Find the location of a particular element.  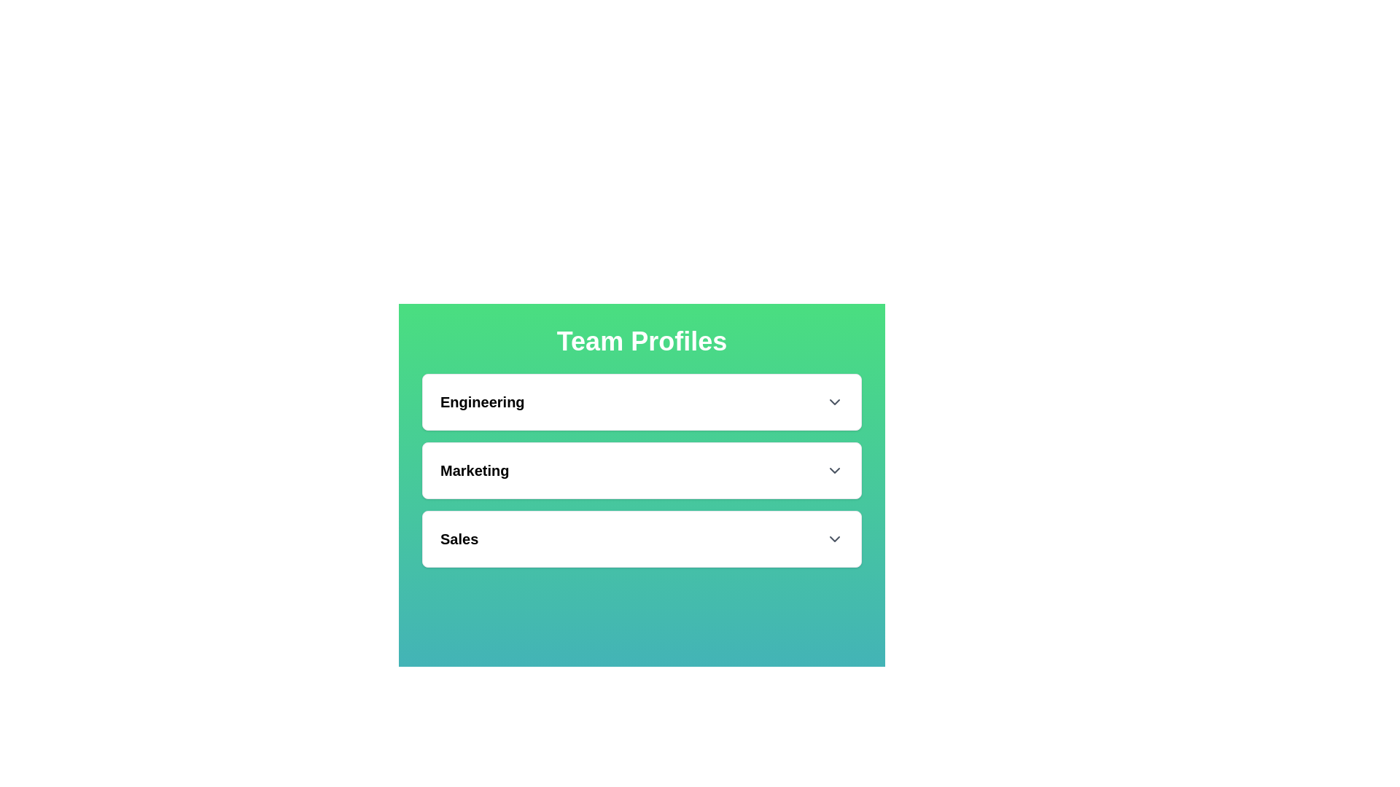

text from the 'Marketing' label, which is prominently displayed in a large, bold font within the 'Team Profiles' list, positioned second between 'Engineering' and 'Sales' is located at coordinates (475, 470).